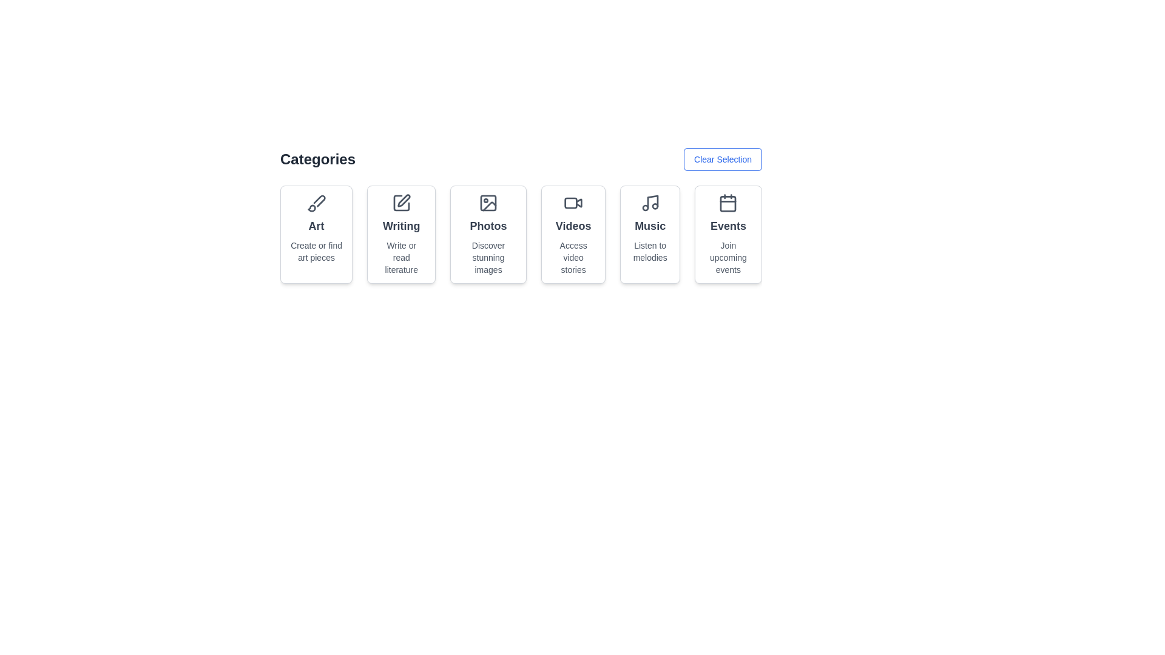 Image resolution: width=1165 pixels, height=655 pixels. Describe the element at coordinates (649, 226) in the screenshot. I see `the 'Music' text label, which is centrally located in a card layout and is positioned below a musical note icon and above the subtitle 'Listen to melodies'` at that location.